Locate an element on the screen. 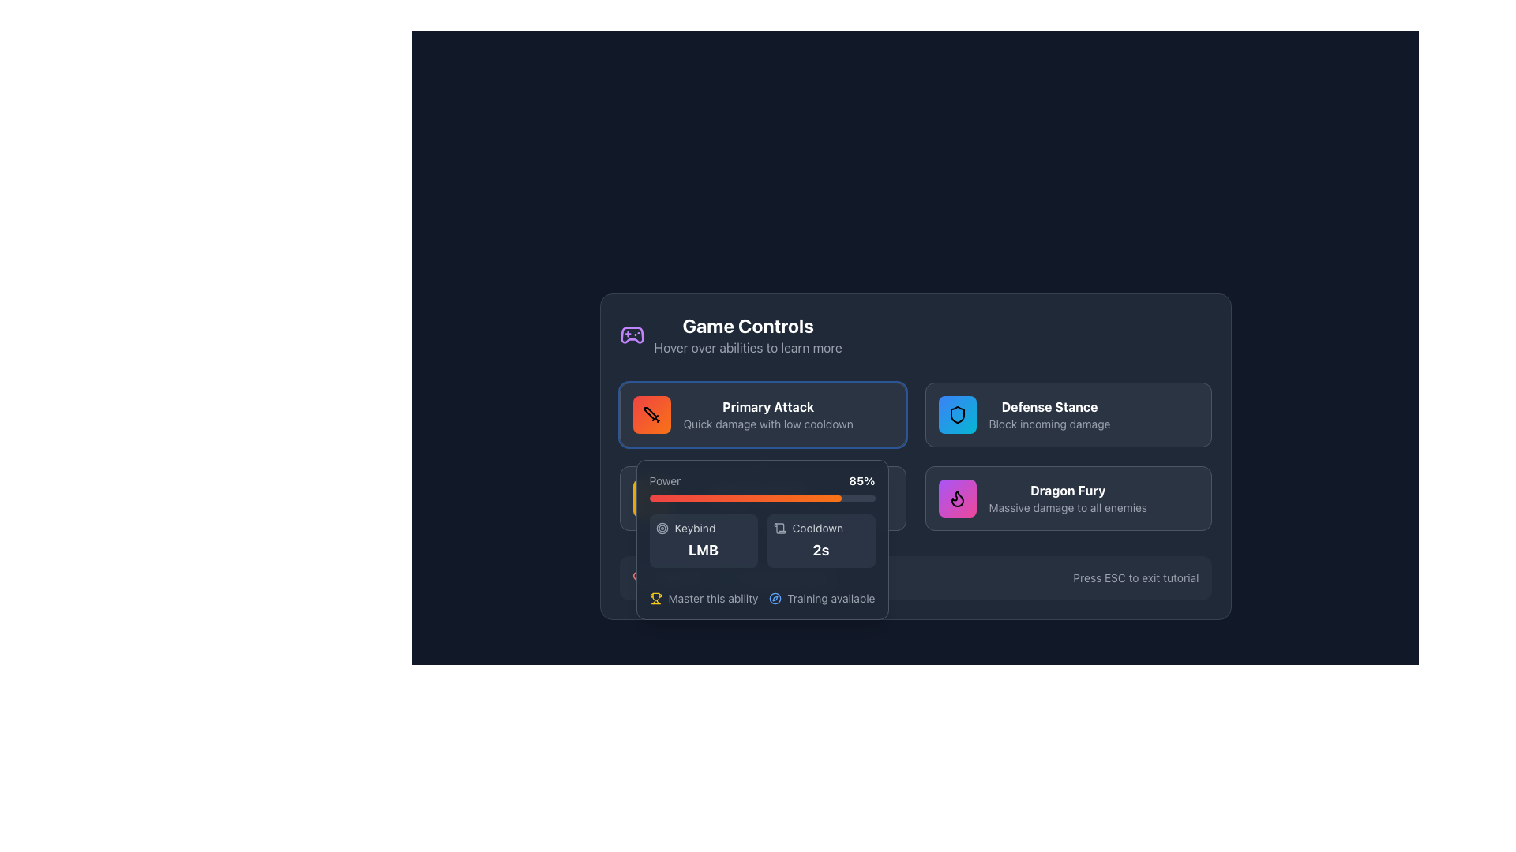 The width and height of the screenshot is (1516, 852). the state of the heart-shaped icon indicating importance or likability, which is located in the Power section beneath the Primary Attack area is located at coordinates (640, 577).